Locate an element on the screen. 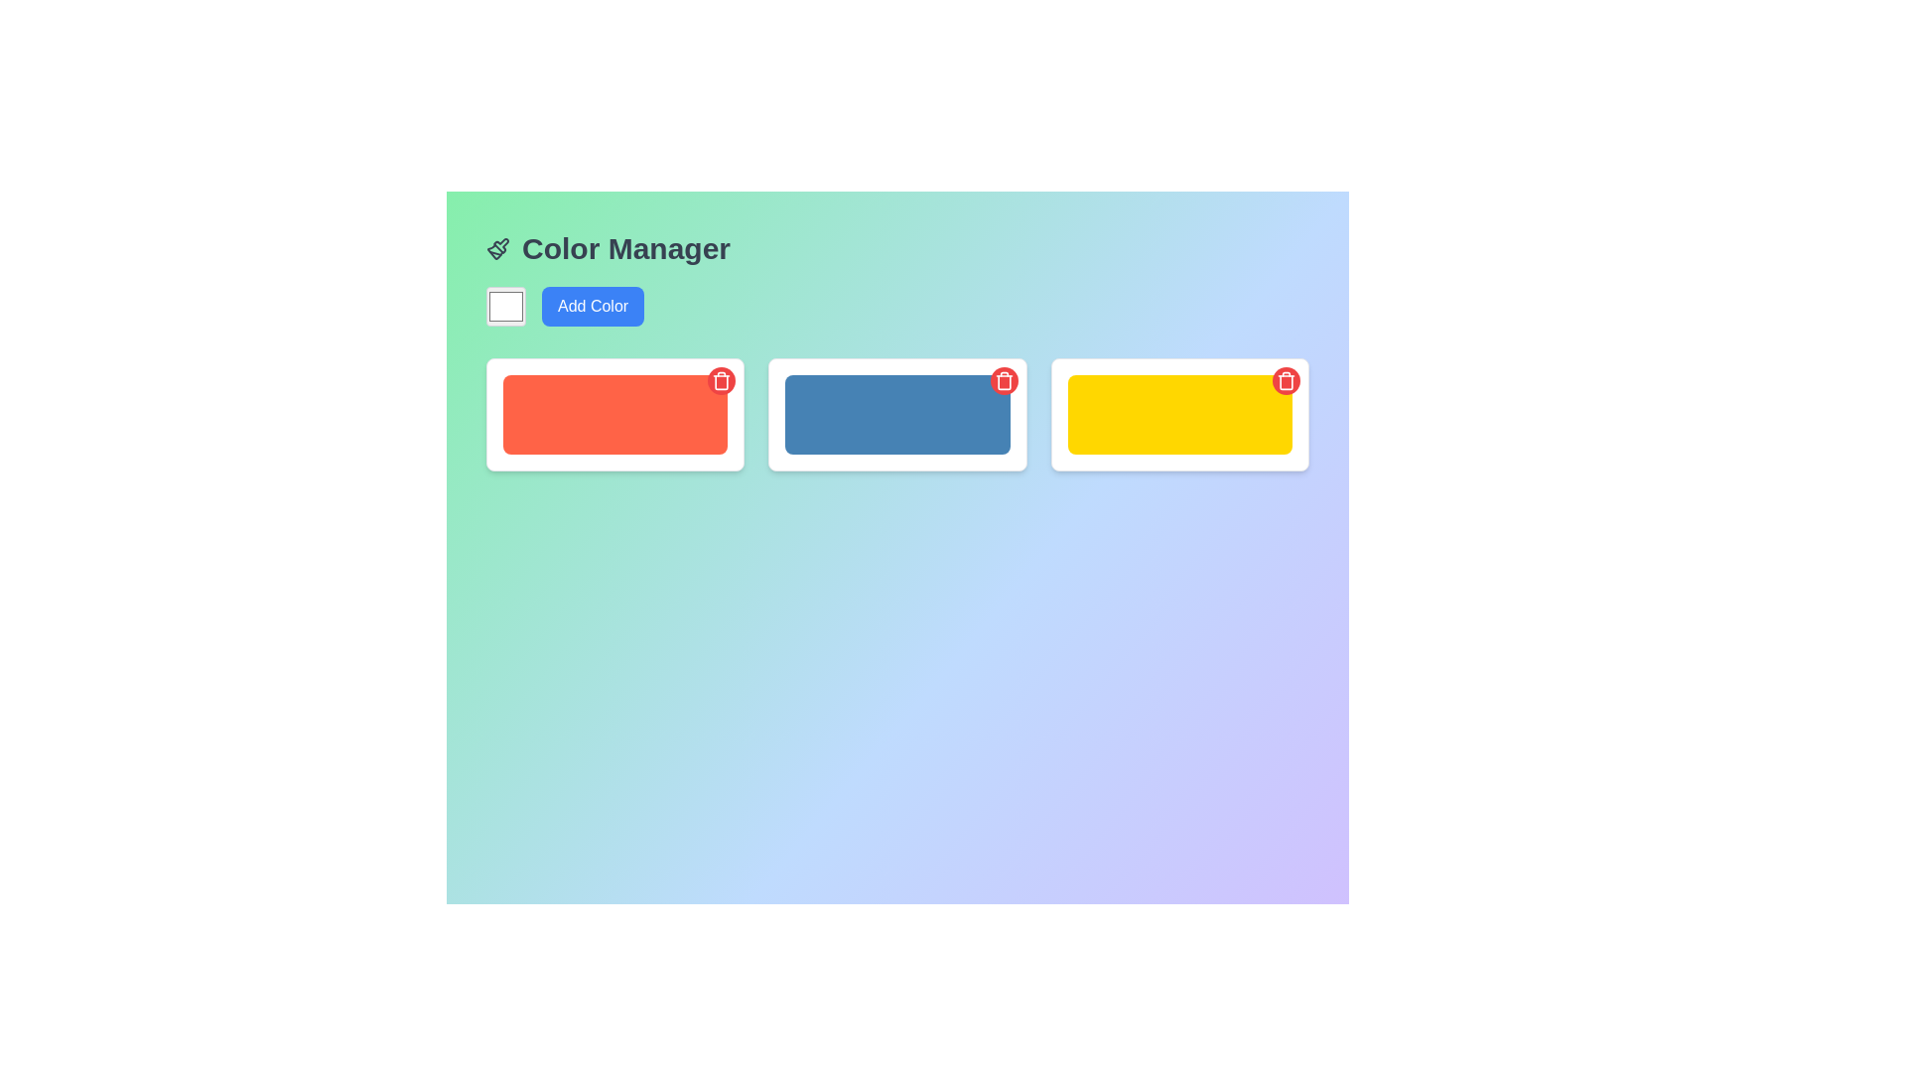 The height and width of the screenshot is (1072, 1906). the rounded blue button labeled 'Add Color' is located at coordinates (592, 306).